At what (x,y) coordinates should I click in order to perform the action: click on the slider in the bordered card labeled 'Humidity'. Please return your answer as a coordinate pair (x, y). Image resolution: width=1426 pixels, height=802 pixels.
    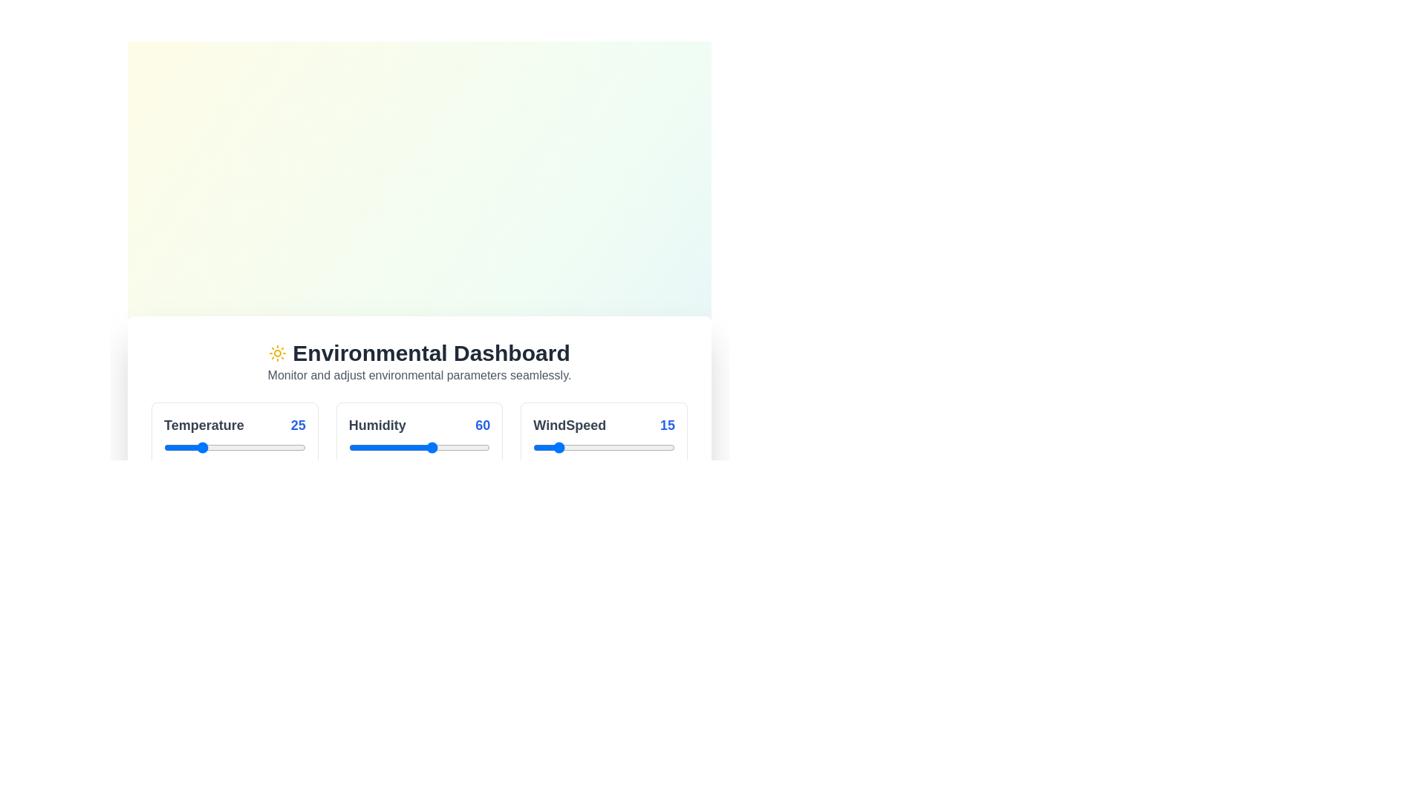
    Looking at the image, I should click on (419, 446).